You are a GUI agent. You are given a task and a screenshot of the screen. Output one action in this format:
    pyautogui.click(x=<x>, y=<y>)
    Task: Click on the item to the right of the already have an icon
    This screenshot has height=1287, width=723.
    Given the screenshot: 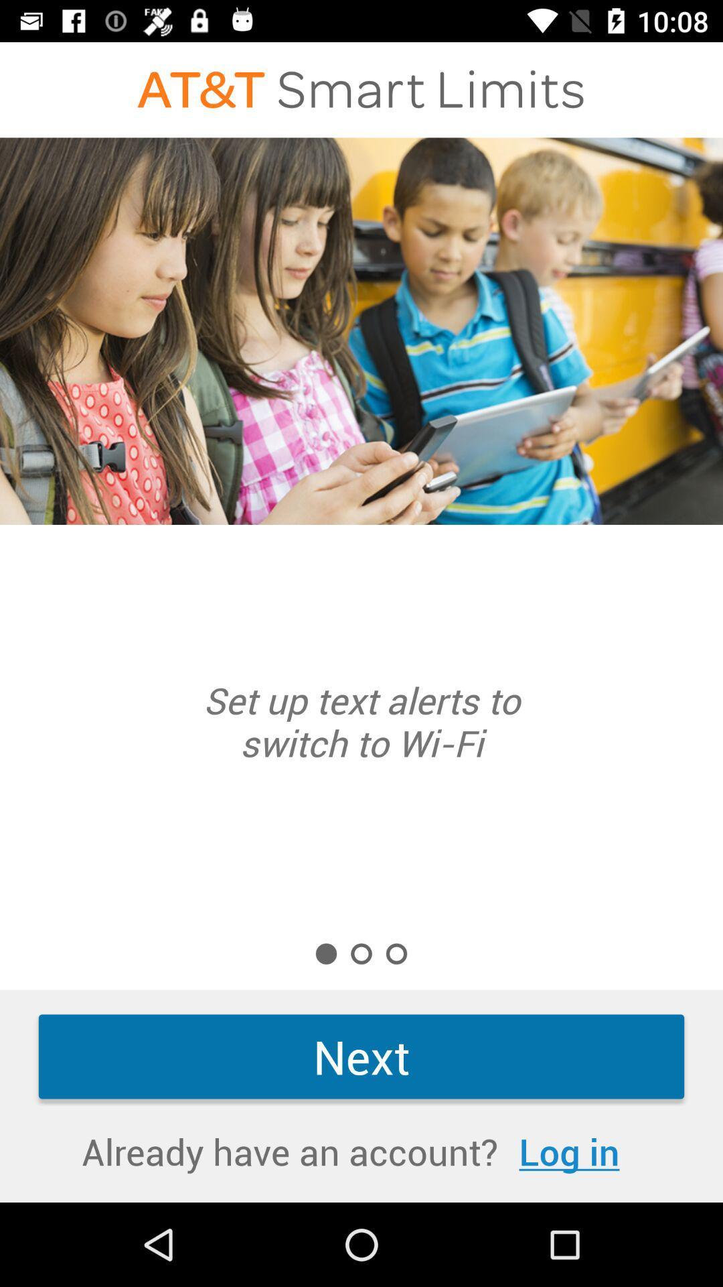 What is the action you would take?
    pyautogui.click(x=569, y=1150)
    